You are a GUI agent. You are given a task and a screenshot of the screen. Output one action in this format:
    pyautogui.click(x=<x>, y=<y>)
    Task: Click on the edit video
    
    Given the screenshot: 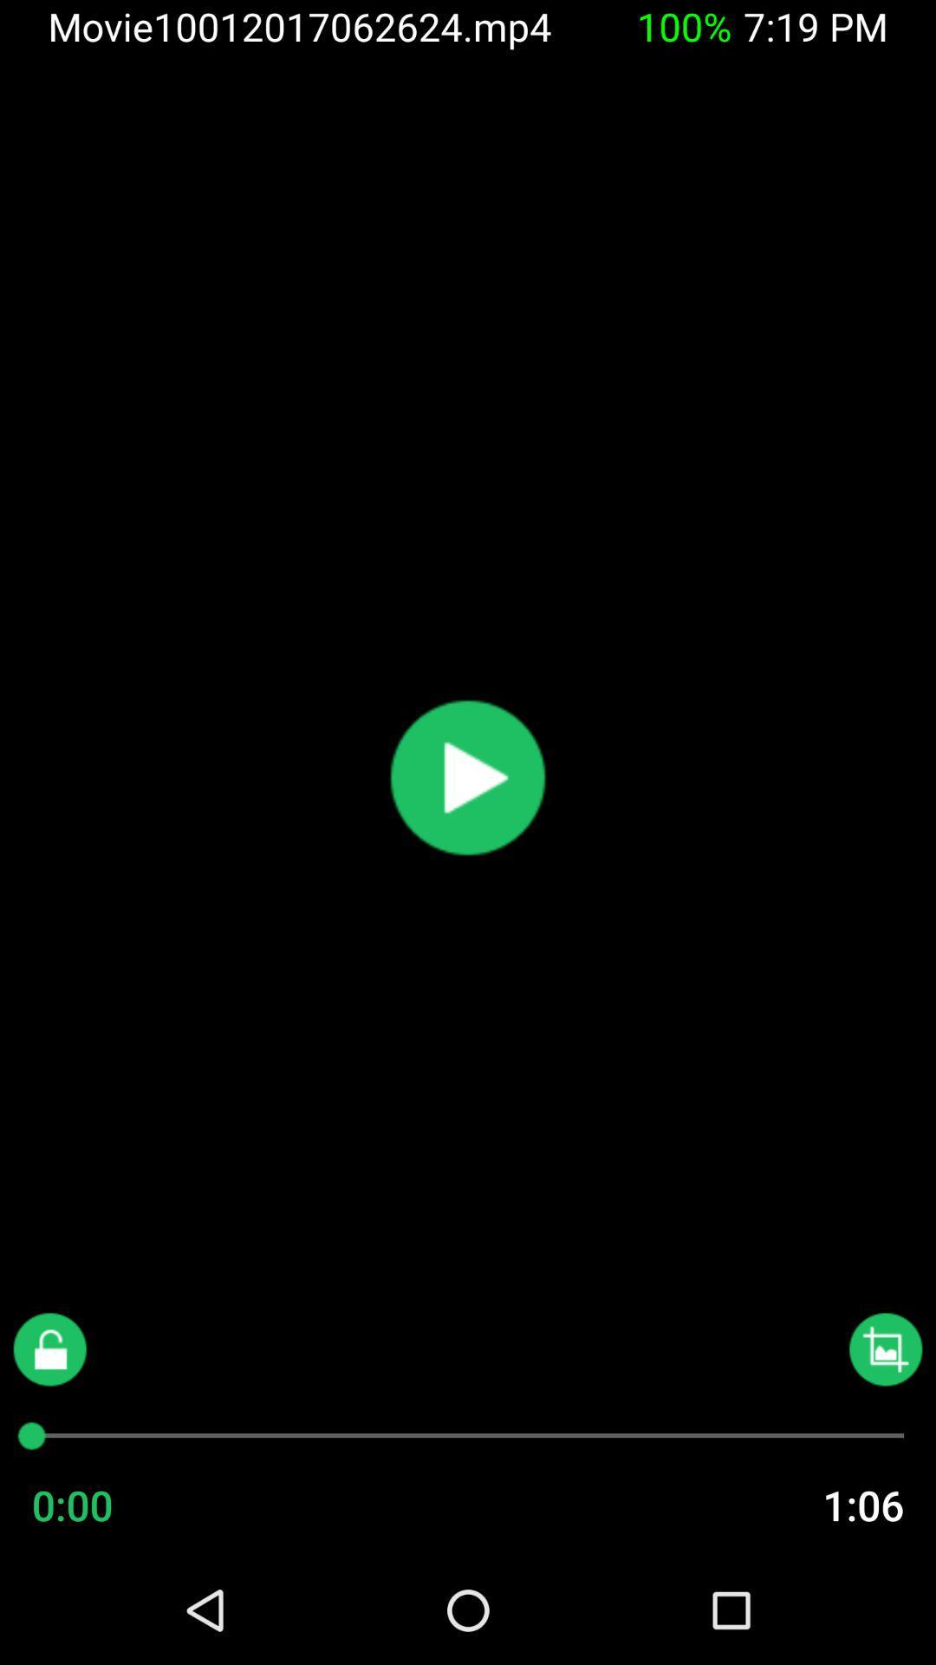 What is the action you would take?
    pyautogui.click(x=886, y=1348)
    